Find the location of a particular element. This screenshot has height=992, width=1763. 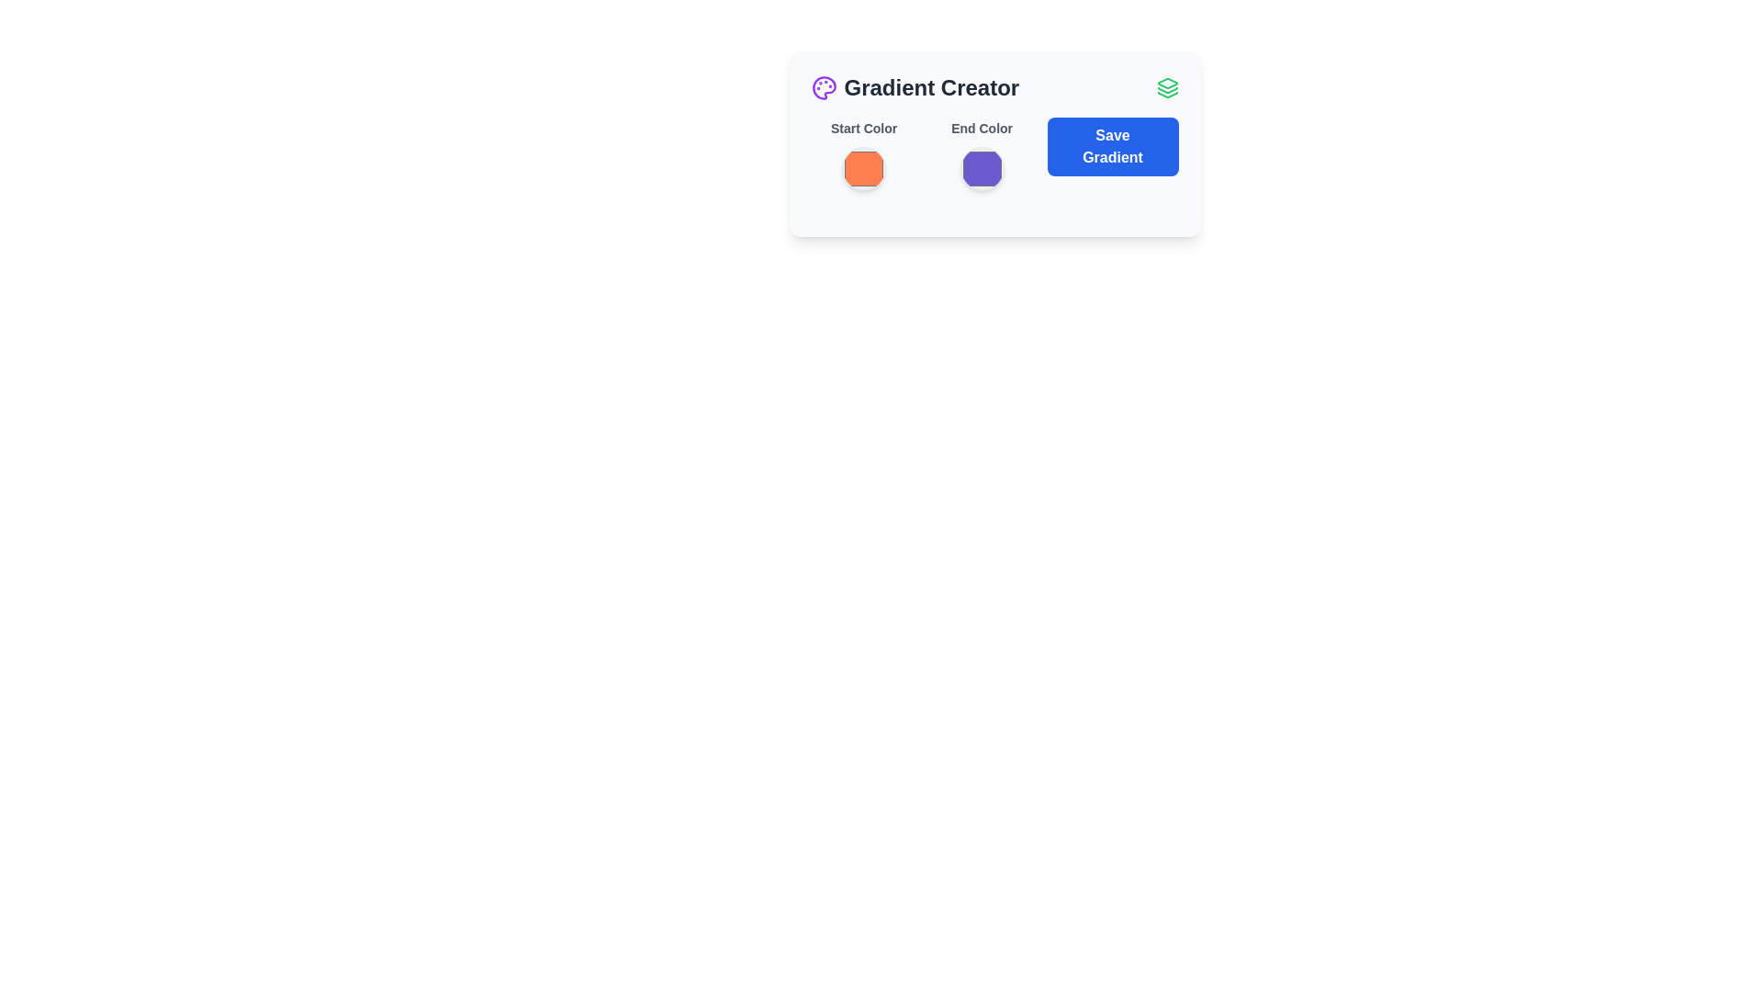

the decorative graphic located in the top-right area of the interface, near the 'Save Gradient' button is located at coordinates (1166, 84).